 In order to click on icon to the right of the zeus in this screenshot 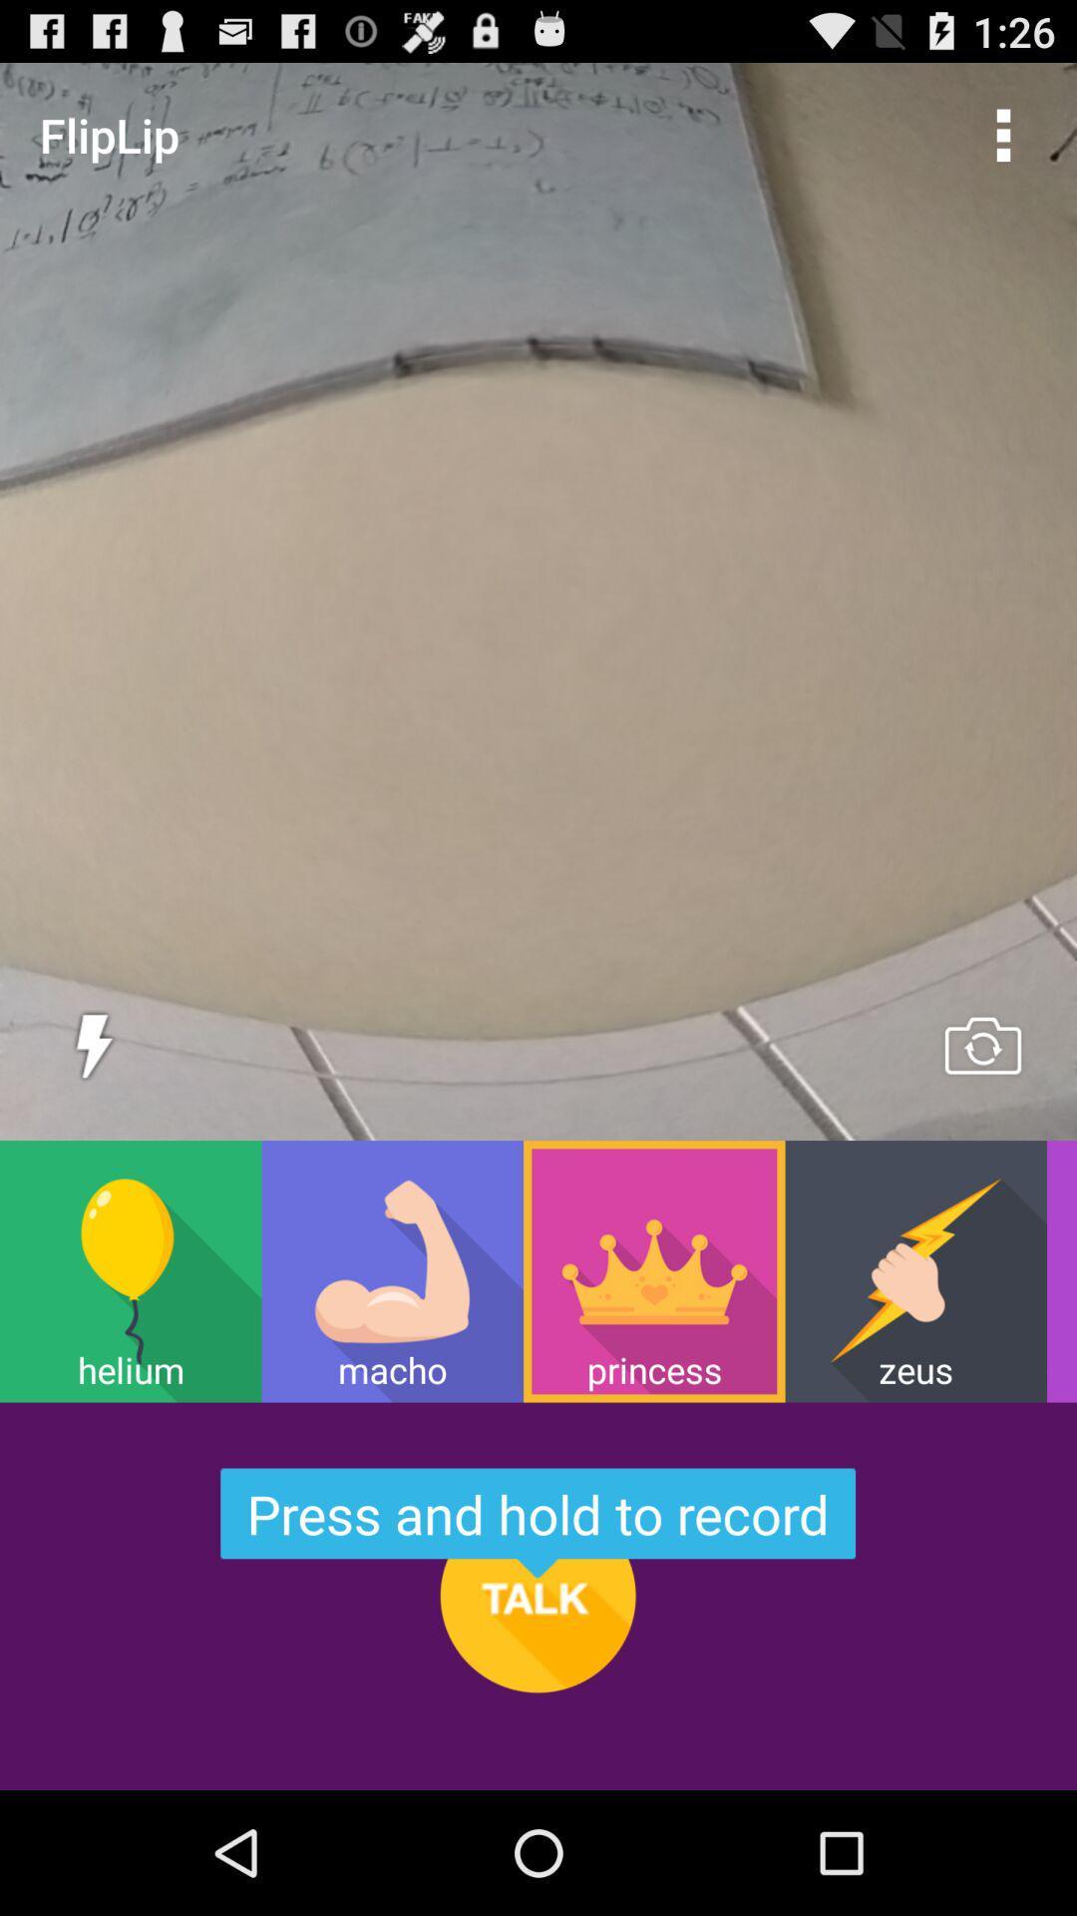, I will do `click(1060, 1270)`.